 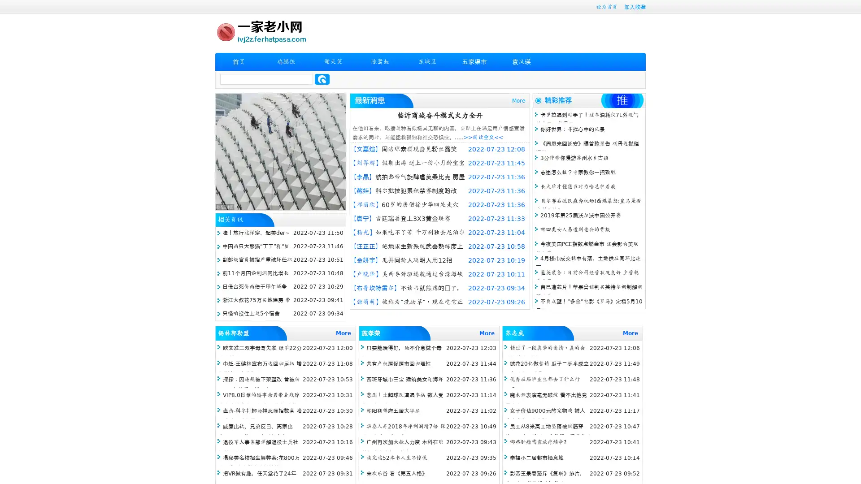 What do you see at coordinates (322, 79) in the screenshot?
I see `Search` at bounding box center [322, 79].